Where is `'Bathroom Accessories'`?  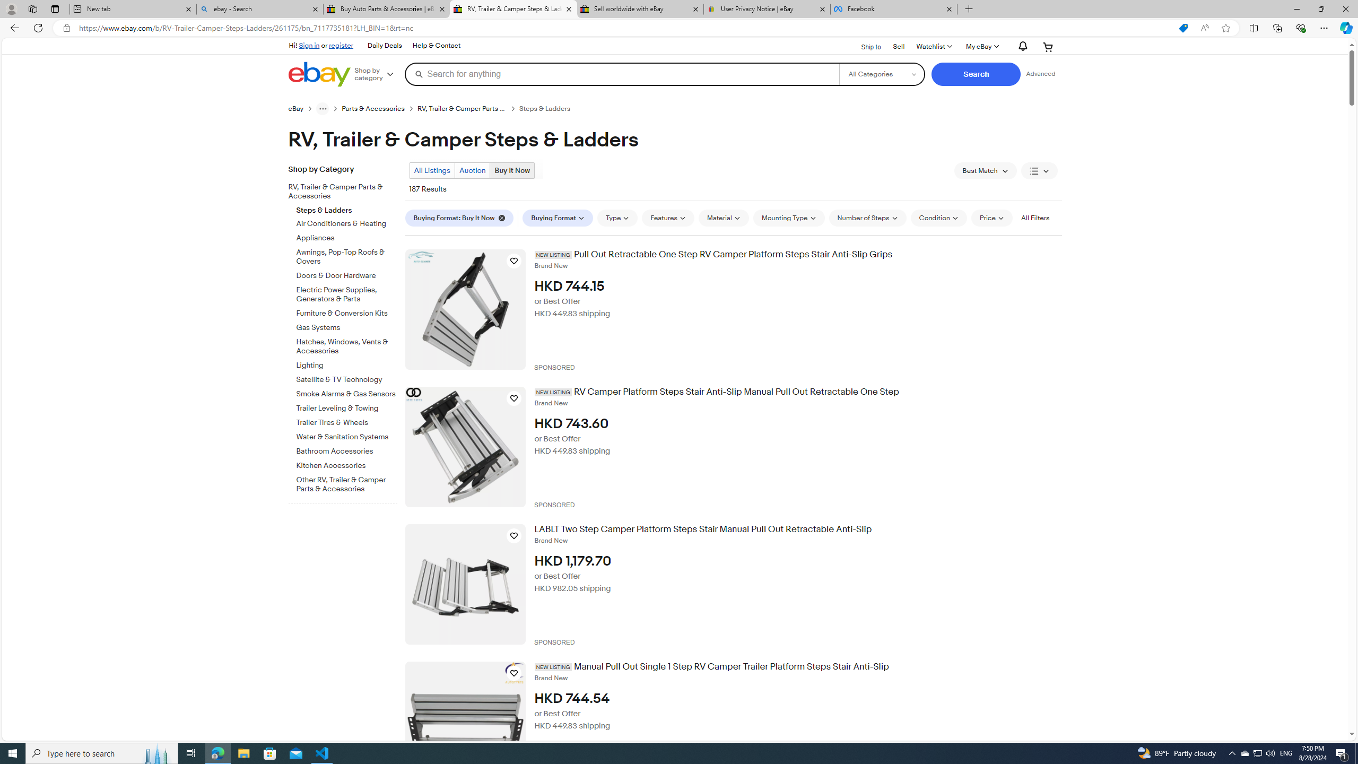
'Bathroom Accessories' is located at coordinates (346, 451).